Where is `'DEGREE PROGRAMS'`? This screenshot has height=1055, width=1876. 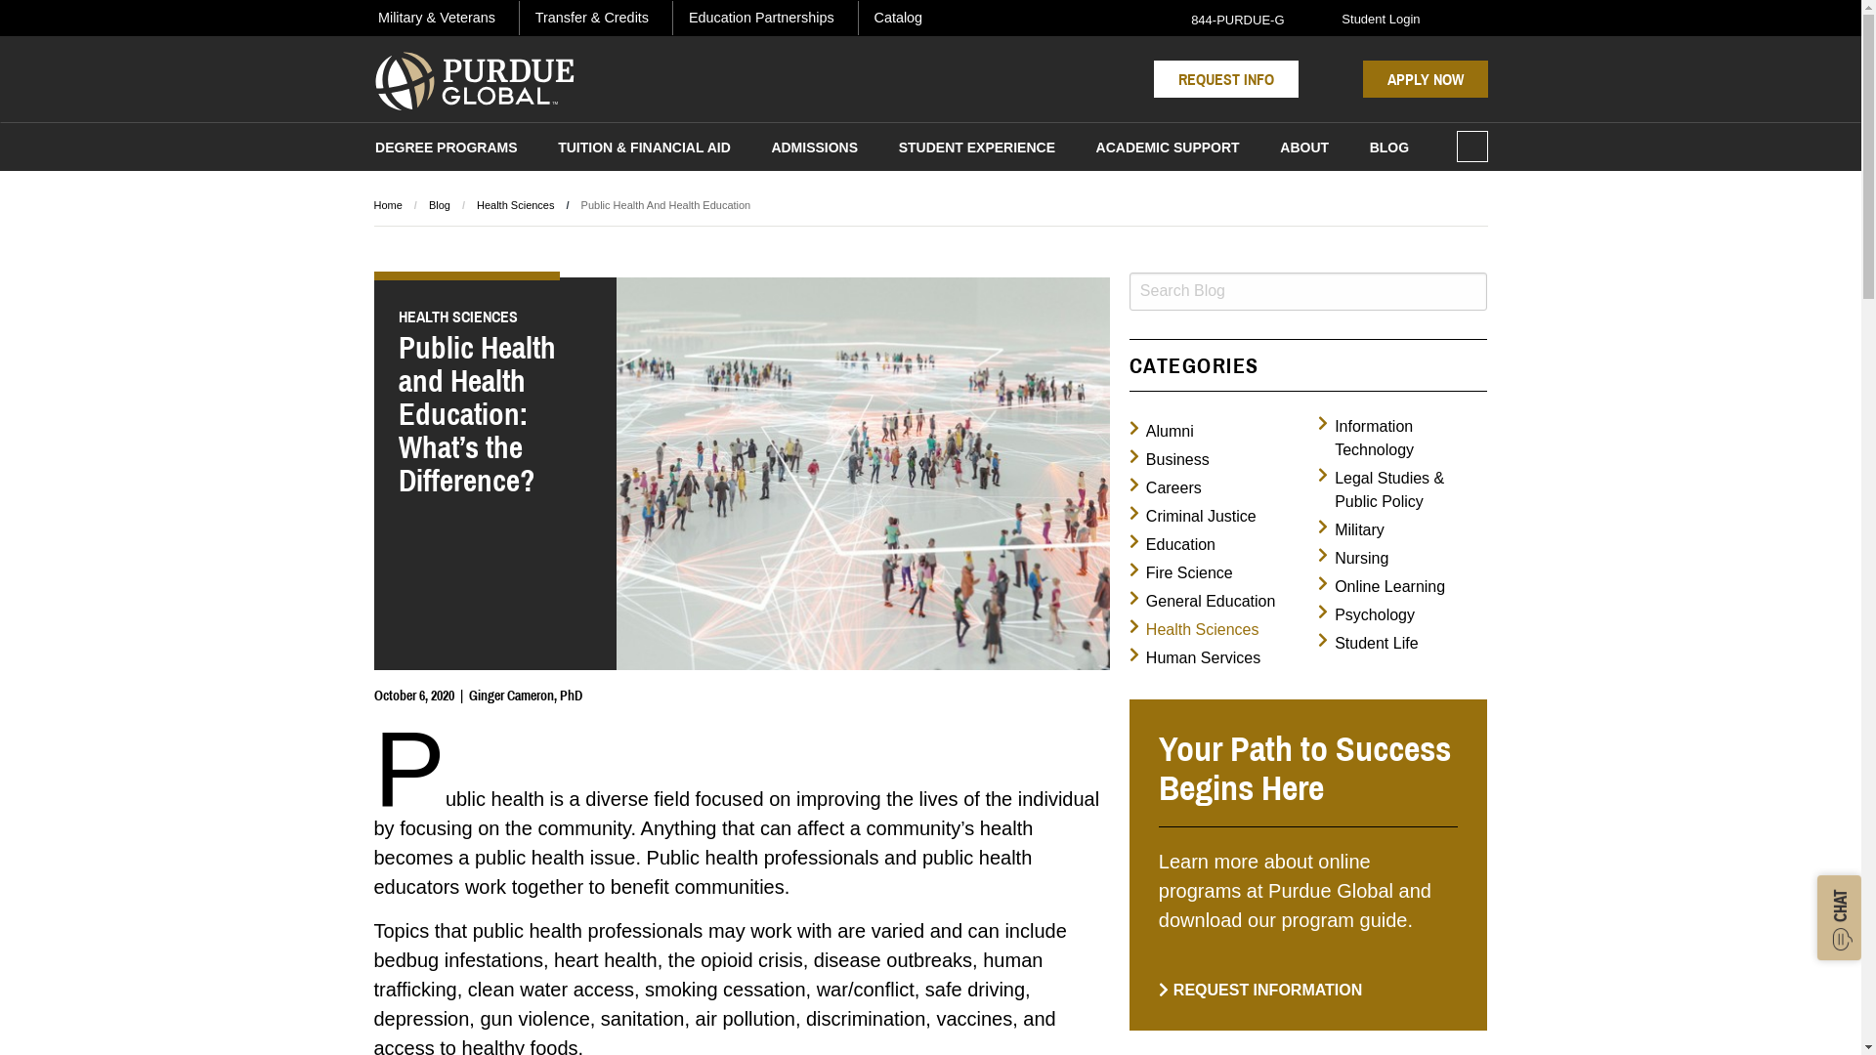 'DEGREE PROGRAMS' is located at coordinates (445, 149).